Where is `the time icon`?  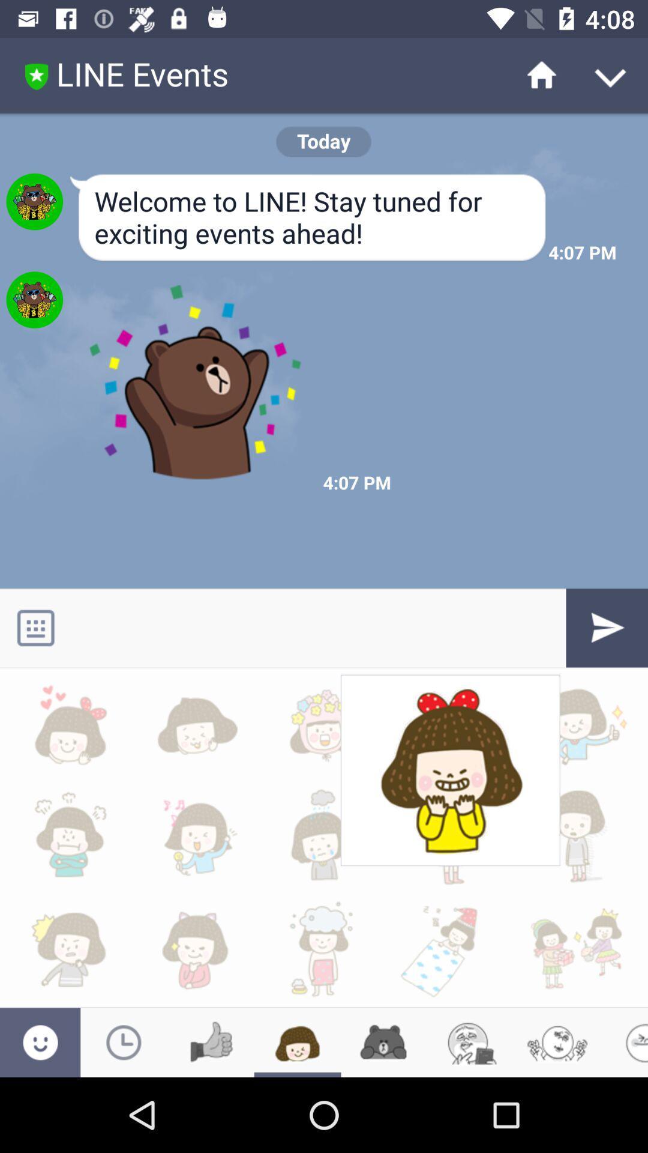 the time icon is located at coordinates (124, 1042).